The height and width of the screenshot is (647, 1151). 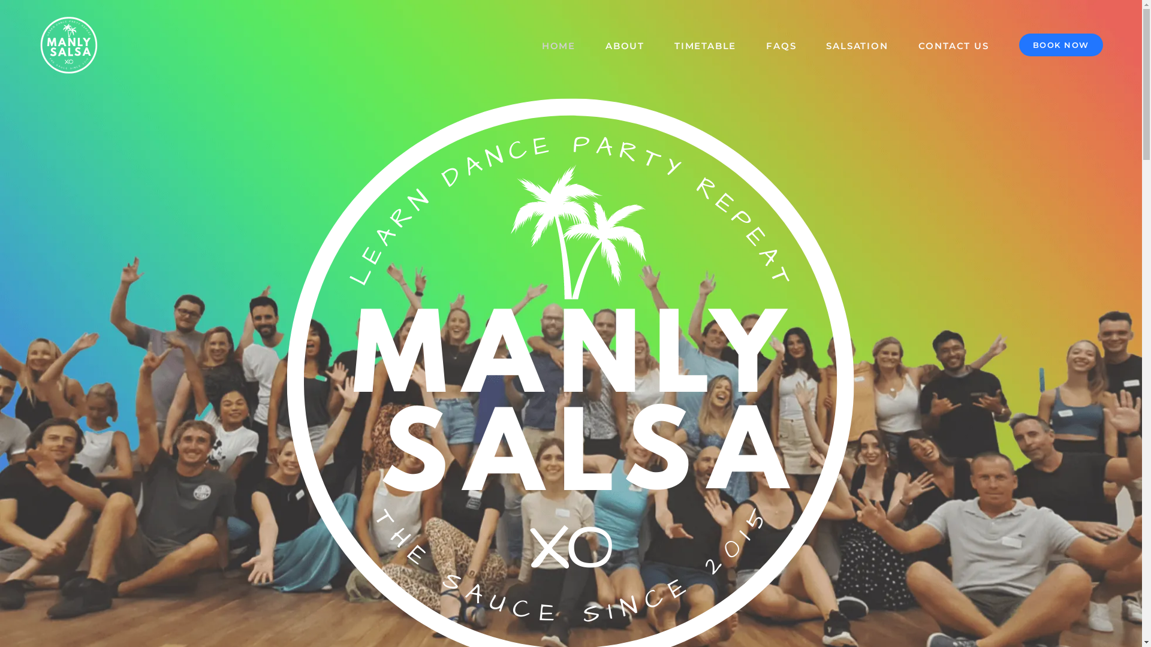 I want to click on 'ABOUT', so click(x=624, y=44).